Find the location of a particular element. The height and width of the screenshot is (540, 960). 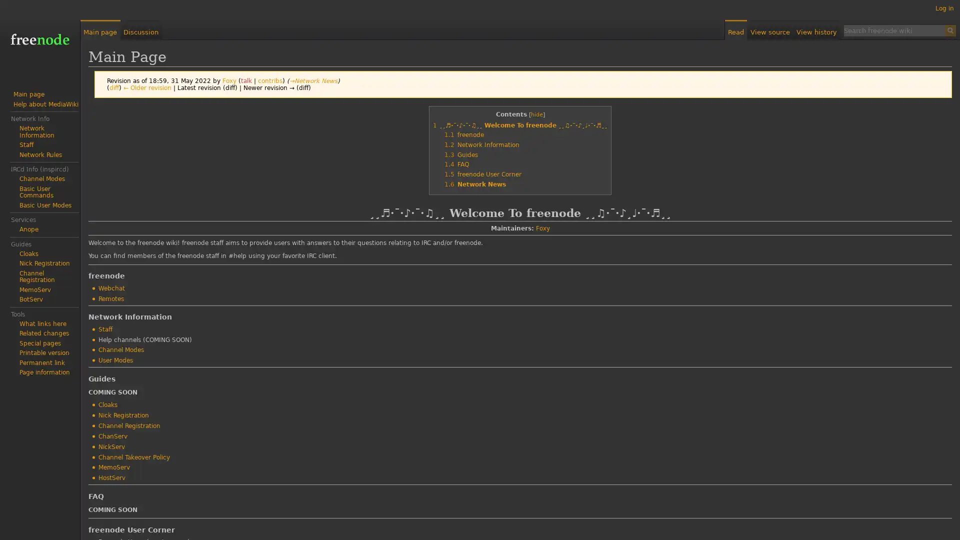

Search is located at coordinates (949, 30).